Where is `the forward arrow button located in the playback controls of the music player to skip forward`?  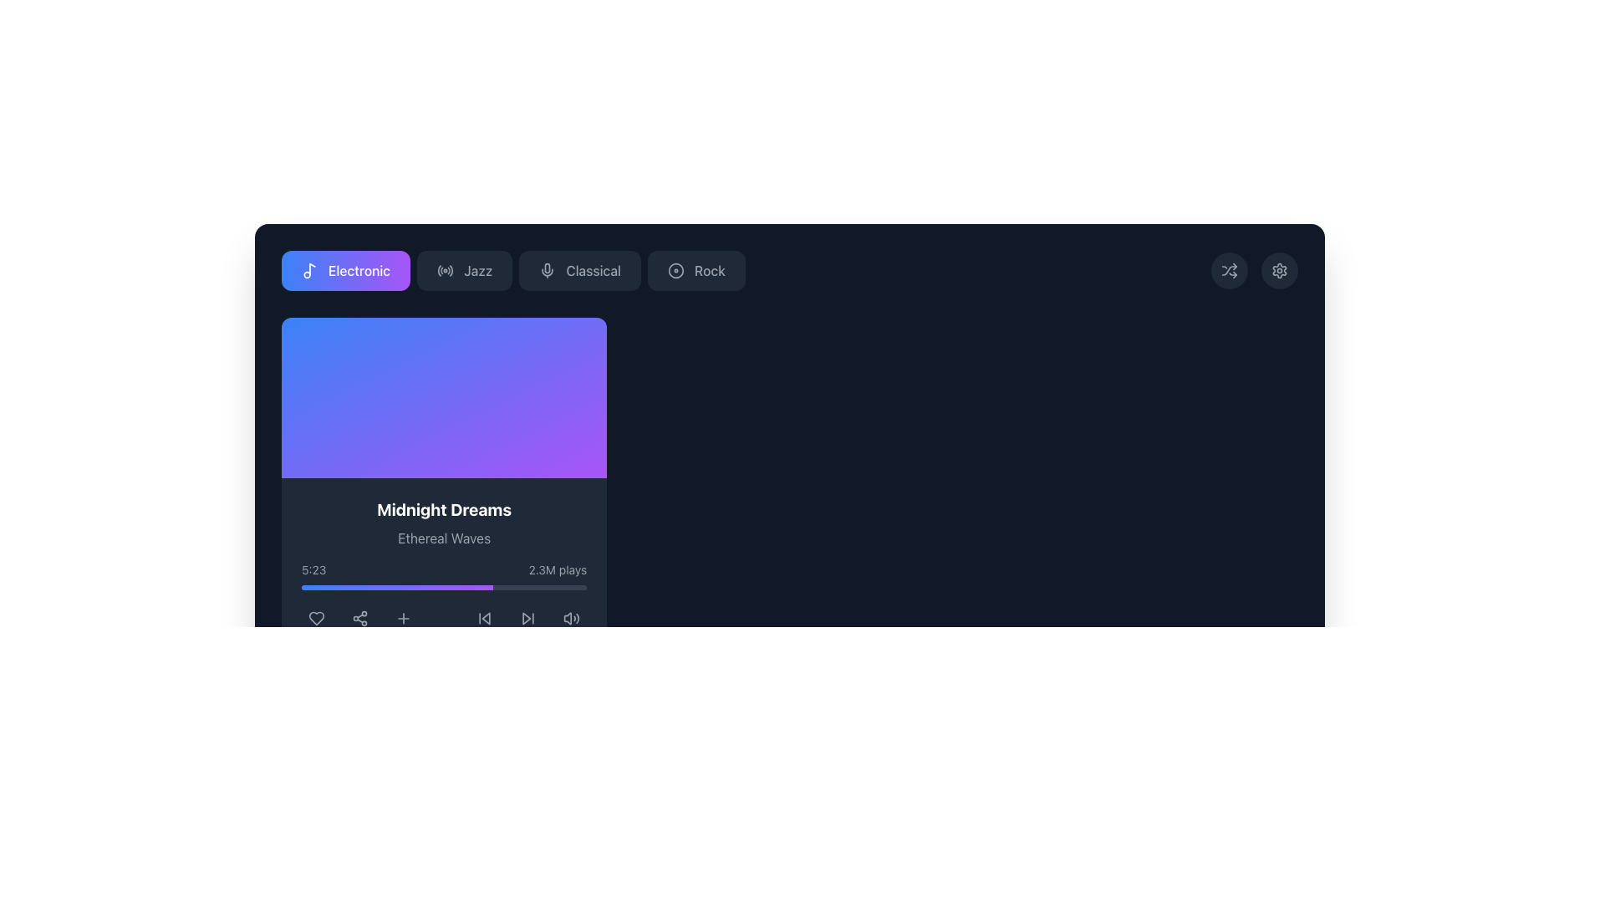 the forward arrow button located in the playback controls of the music player to skip forward is located at coordinates (527, 619).